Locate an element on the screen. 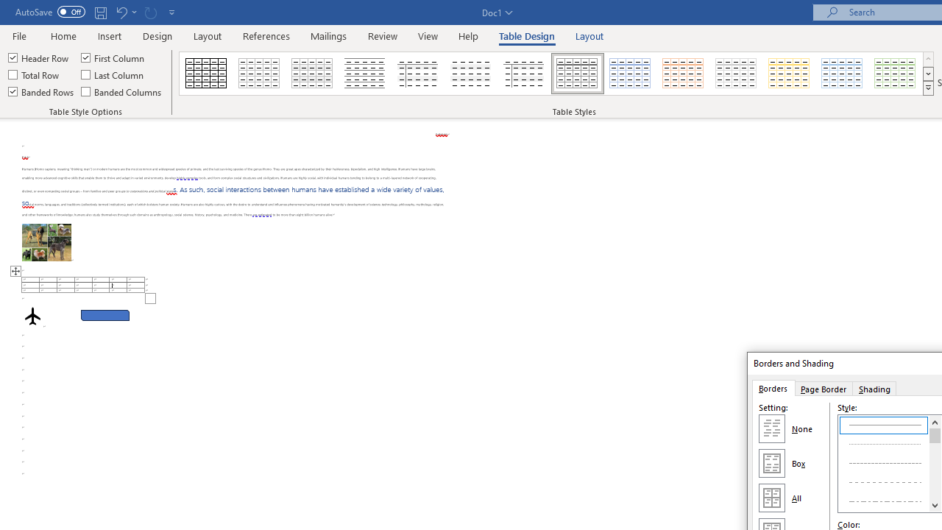  'None' is located at coordinates (771, 428).